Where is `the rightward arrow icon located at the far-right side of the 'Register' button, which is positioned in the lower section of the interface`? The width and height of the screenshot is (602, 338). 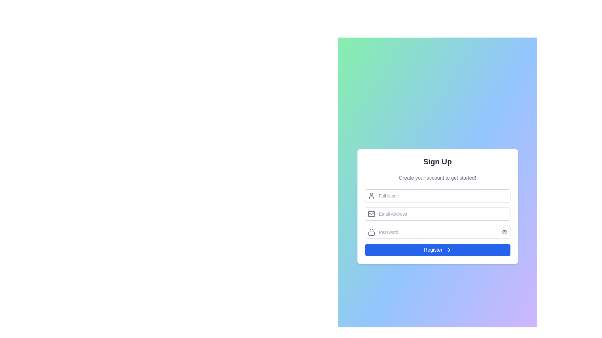 the rightward arrow icon located at the far-right side of the 'Register' button, which is positioned in the lower section of the interface is located at coordinates (448, 249).